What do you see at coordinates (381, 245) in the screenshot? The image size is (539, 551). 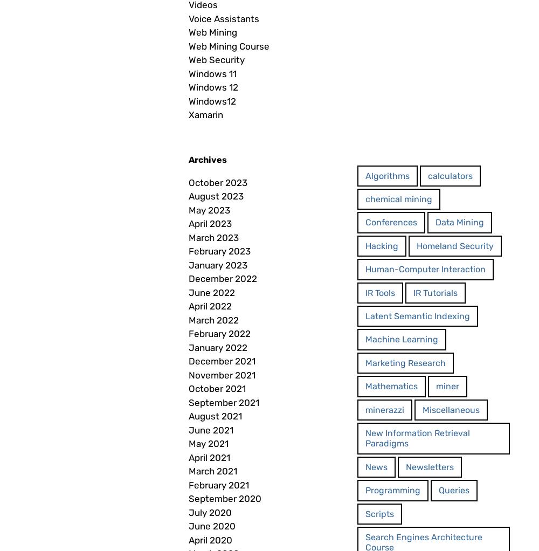 I see `'Hacking'` at bounding box center [381, 245].